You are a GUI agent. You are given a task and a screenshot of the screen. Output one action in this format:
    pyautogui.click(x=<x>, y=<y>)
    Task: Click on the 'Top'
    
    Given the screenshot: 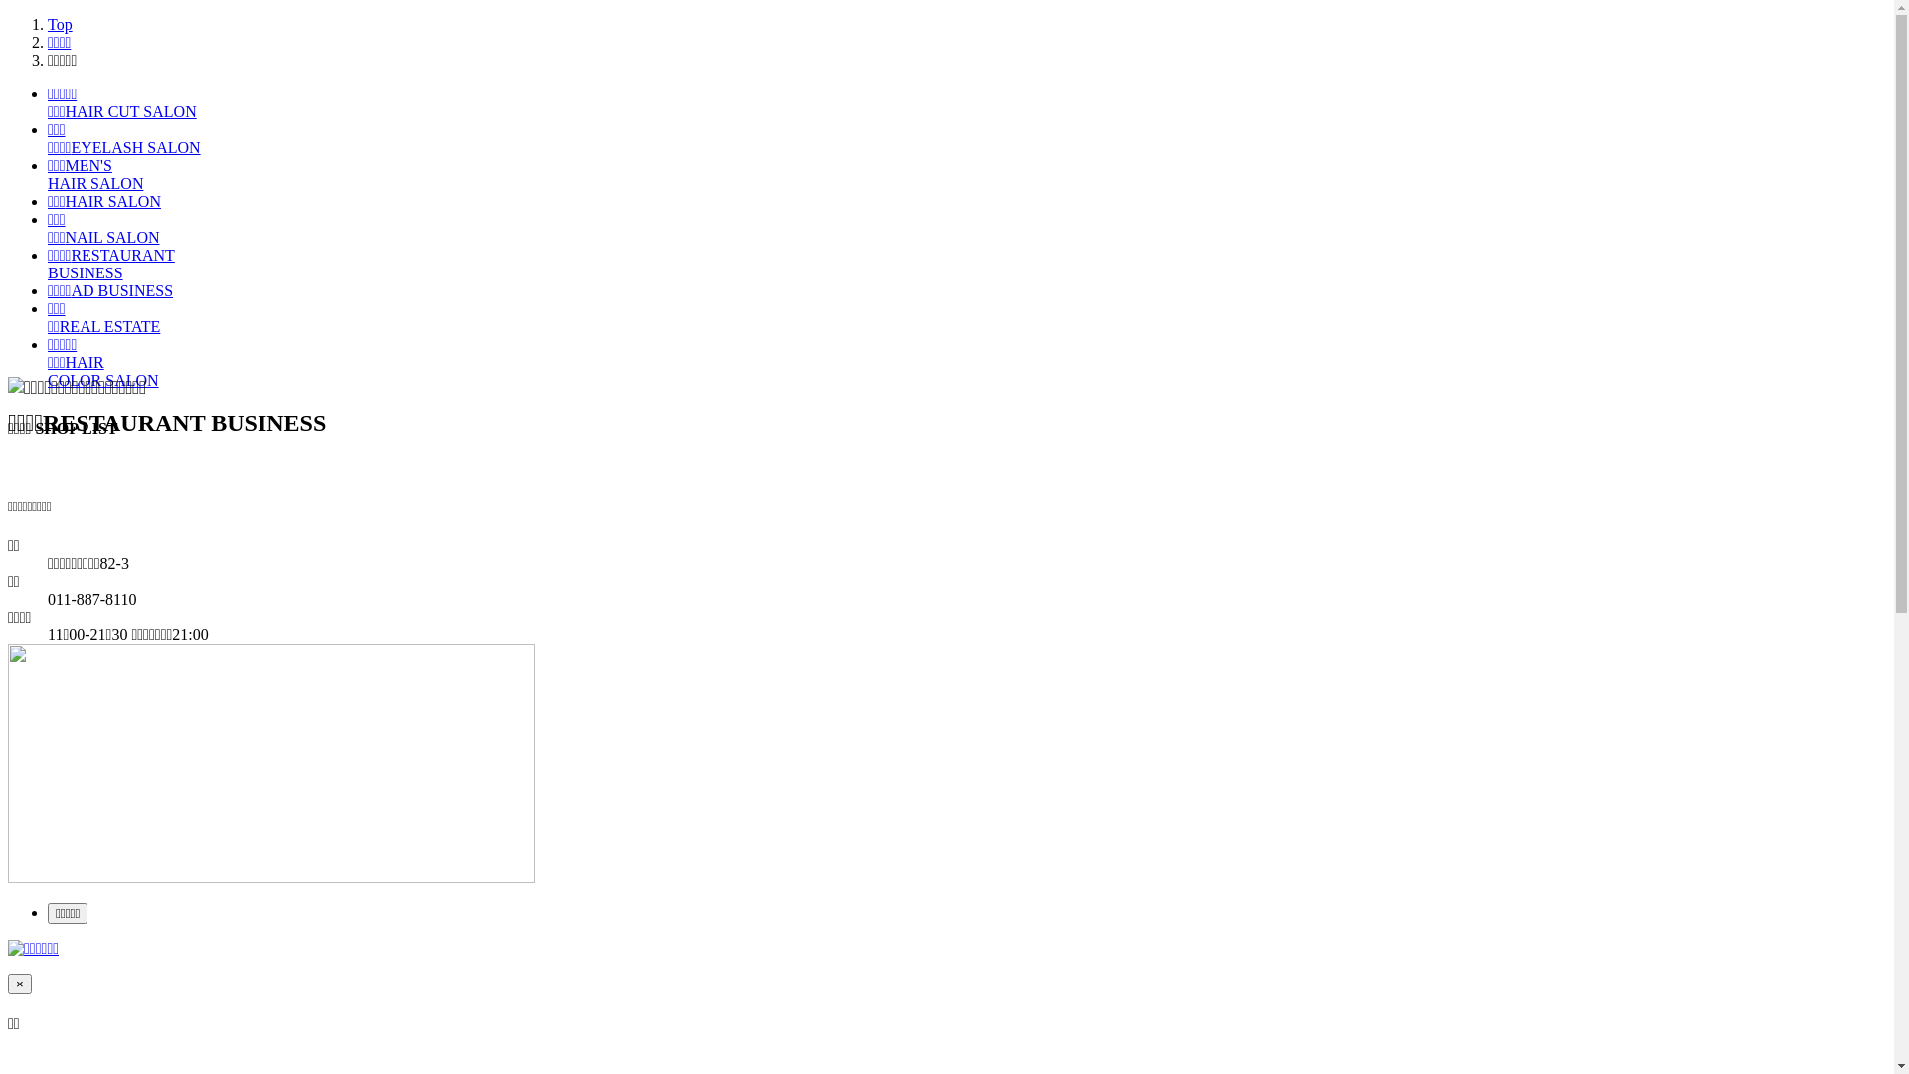 What is the action you would take?
    pyautogui.click(x=60, y=24)
    